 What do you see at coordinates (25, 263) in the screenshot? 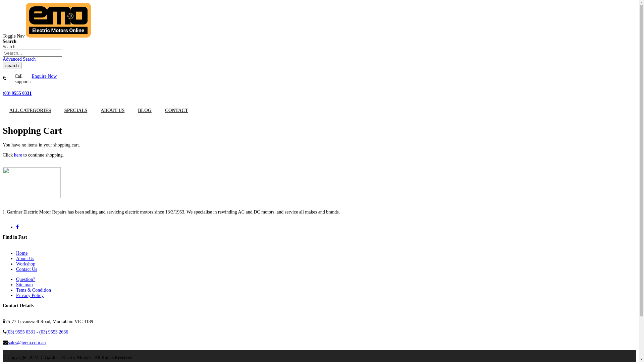
I see `'Workshop'` at bounding box center [25, 263].